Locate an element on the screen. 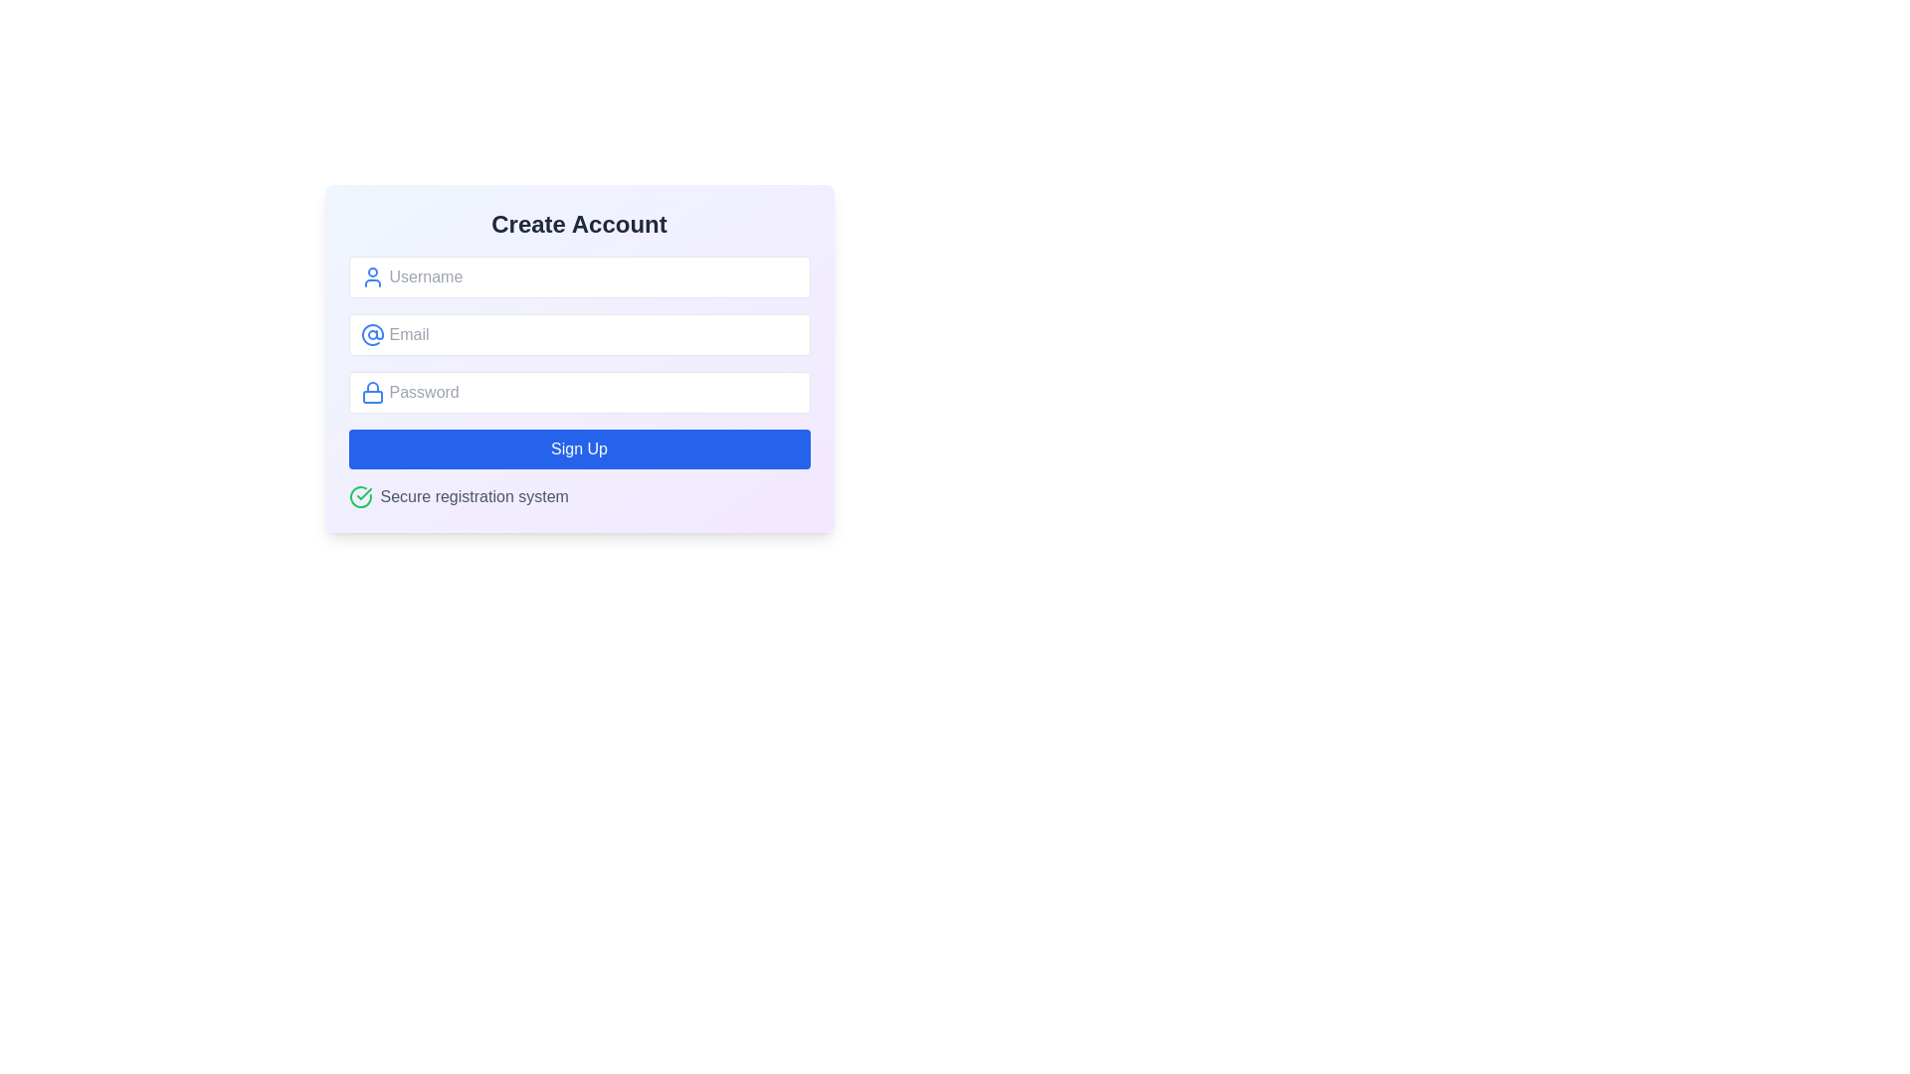 This screenshot has width=1910, height=1074. the graphical representation icon for the 'Username' input field, which is positioned to the left of the input field and aligned with its top and bottom edges is located at coordinates (372, 276).